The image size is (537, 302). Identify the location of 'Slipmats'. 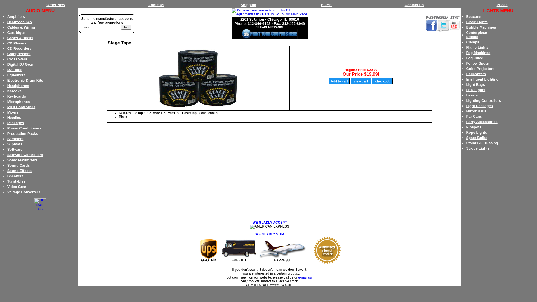
(7, 144).